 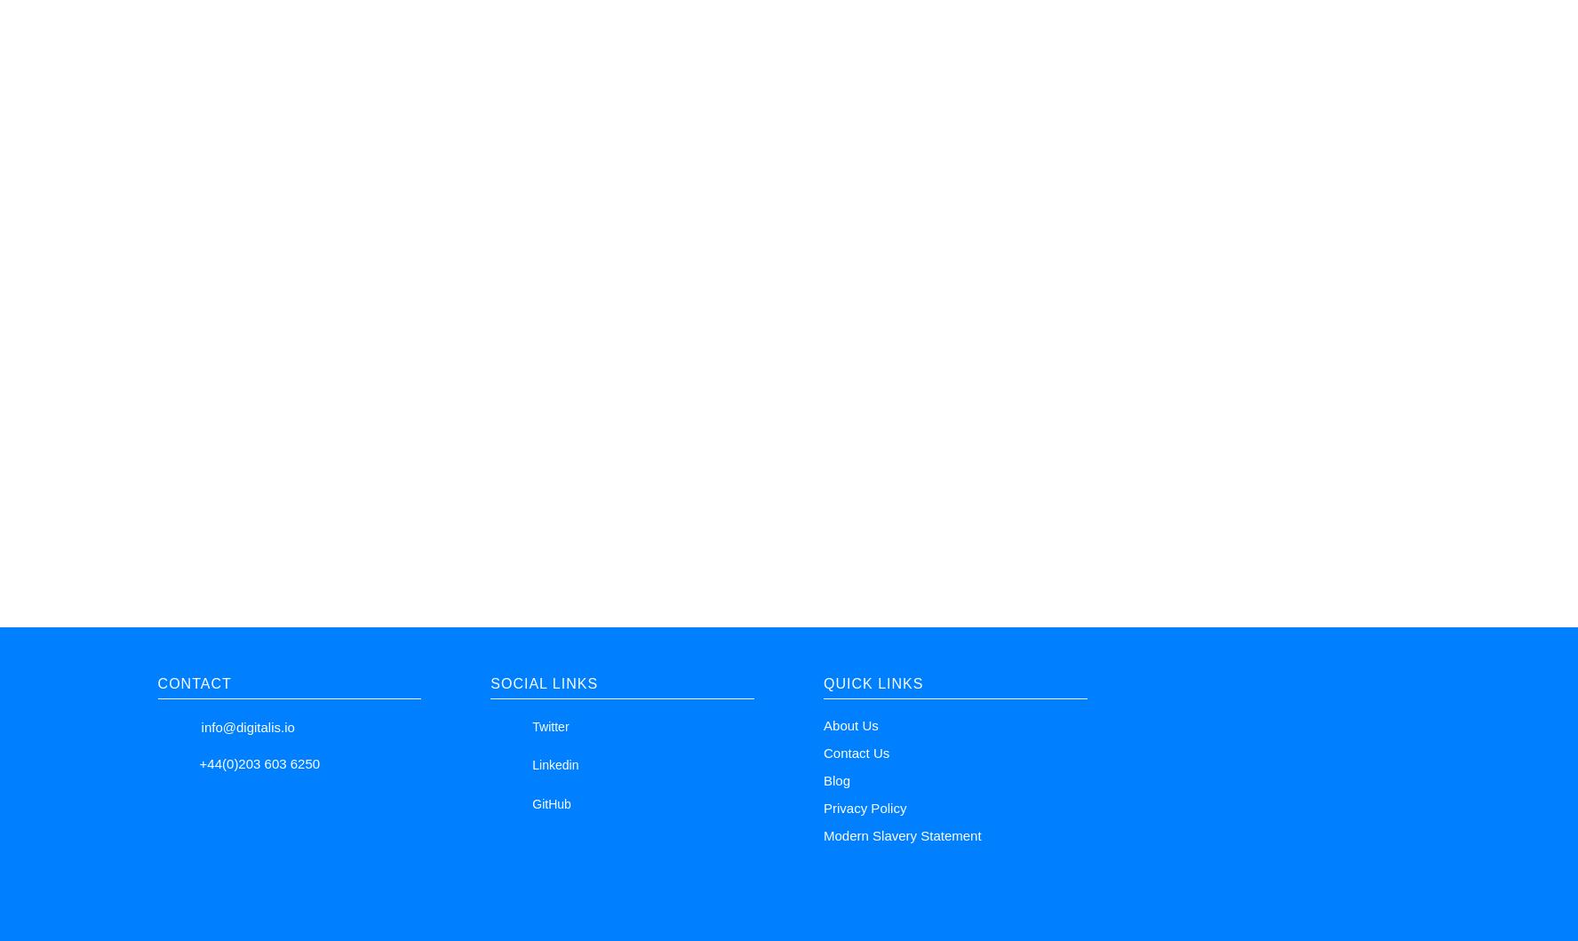 What do you see at coordinates (549, 725) in the screenshot?
I see `'Twitter'` at bounding box center [549, 725].